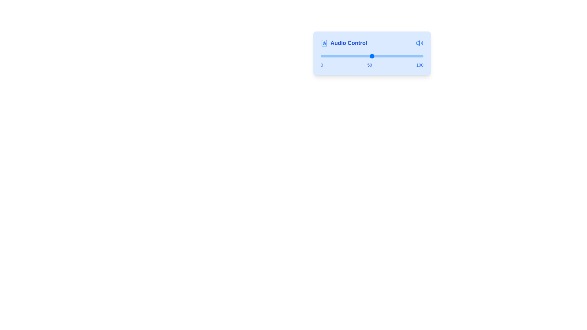 The width and height of the screenshot is (587, 330). I want to click on the audio level, so click(345, 56).